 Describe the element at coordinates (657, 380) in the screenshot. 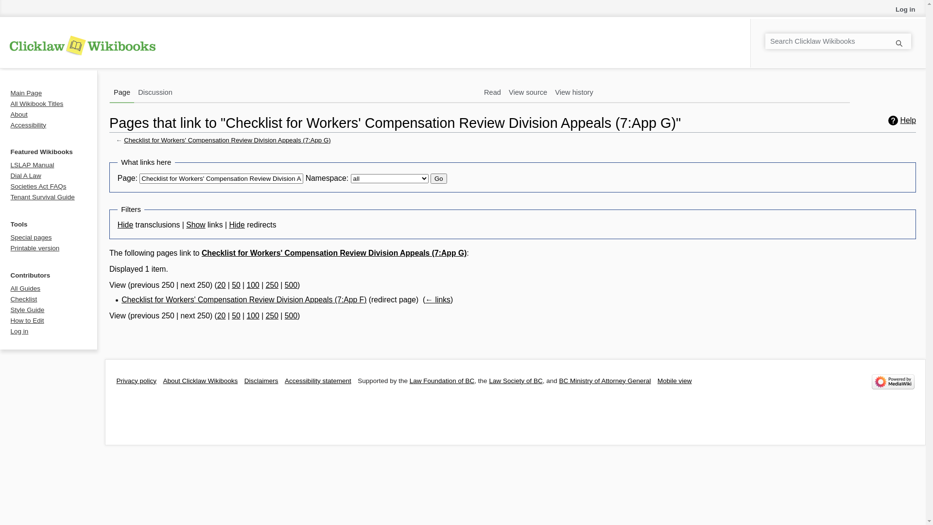

I see `'Mobile view'` at that location.